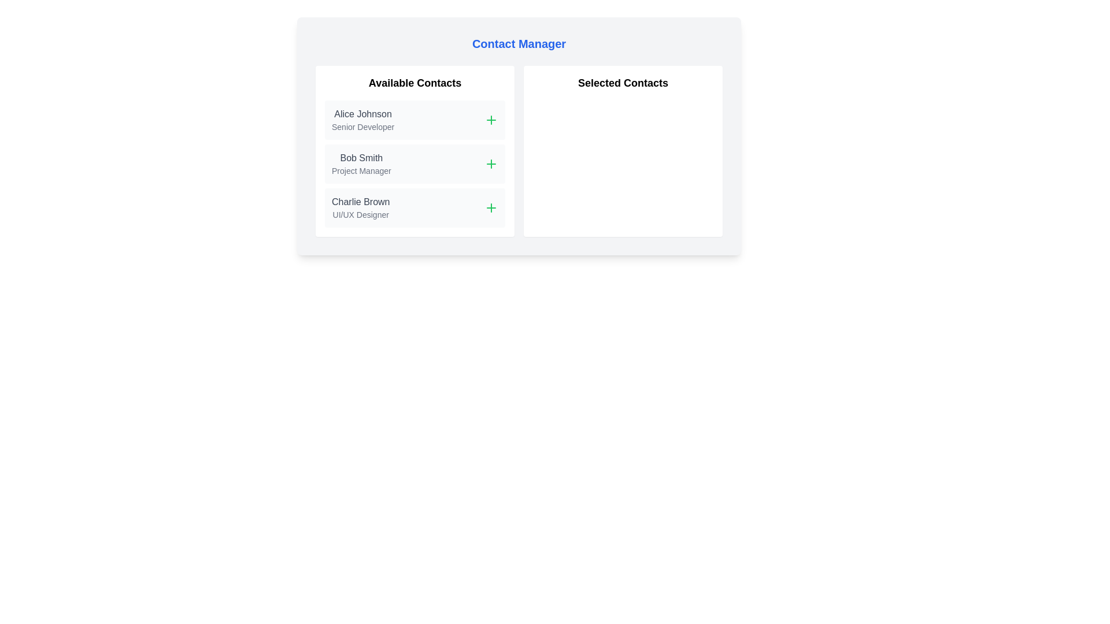 The width and height of the screenshot is (1110, 624). Describe the element at coordinates (361, 158) in the screenshot. I see `the static text label displaying the name 'Bob Smith' in gray color, located above the 'Project Manager' label in the 'Contact Manager' interface` at that location.